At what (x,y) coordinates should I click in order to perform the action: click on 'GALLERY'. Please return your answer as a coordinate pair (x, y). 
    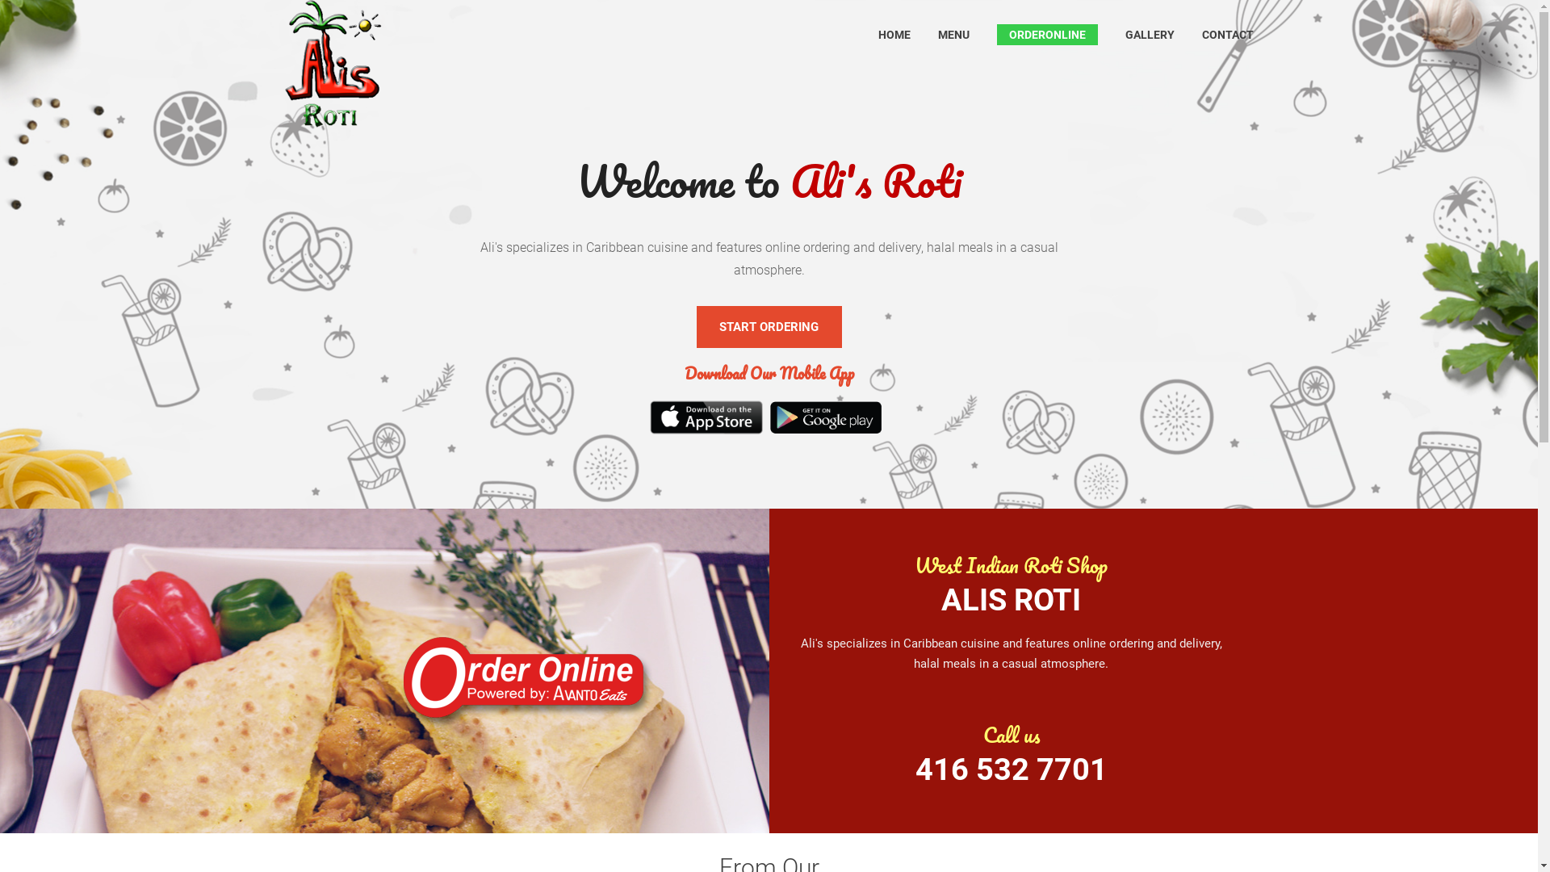
    Looking at the image, I should click on (1149, 34).